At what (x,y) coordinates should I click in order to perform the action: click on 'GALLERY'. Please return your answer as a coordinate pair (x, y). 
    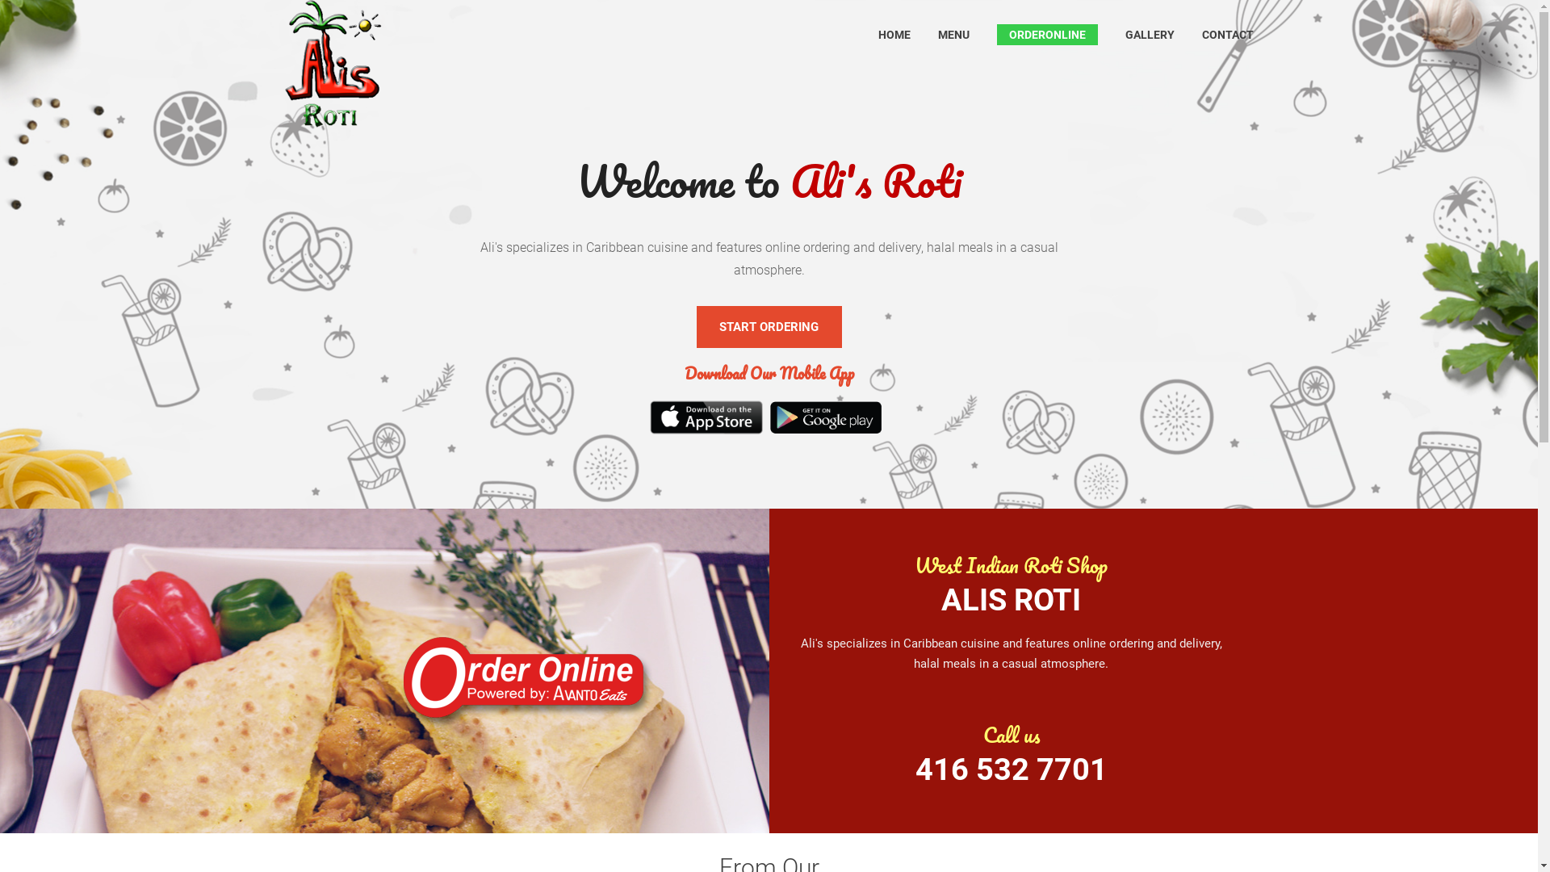
    Looking at the image, I should click on (1149, 34).